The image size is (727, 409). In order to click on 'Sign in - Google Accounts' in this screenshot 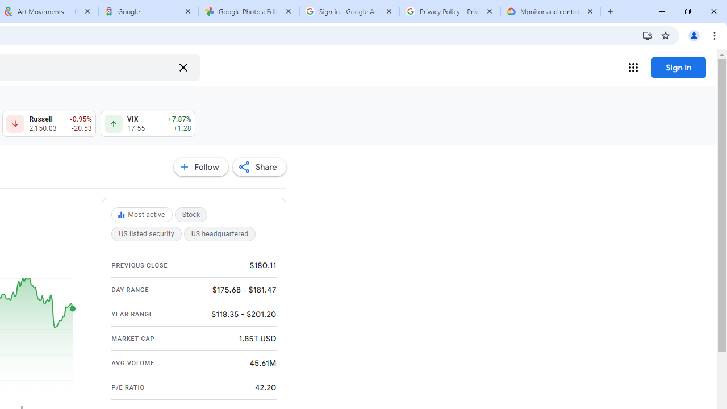, I will do `click(349, 11)`.